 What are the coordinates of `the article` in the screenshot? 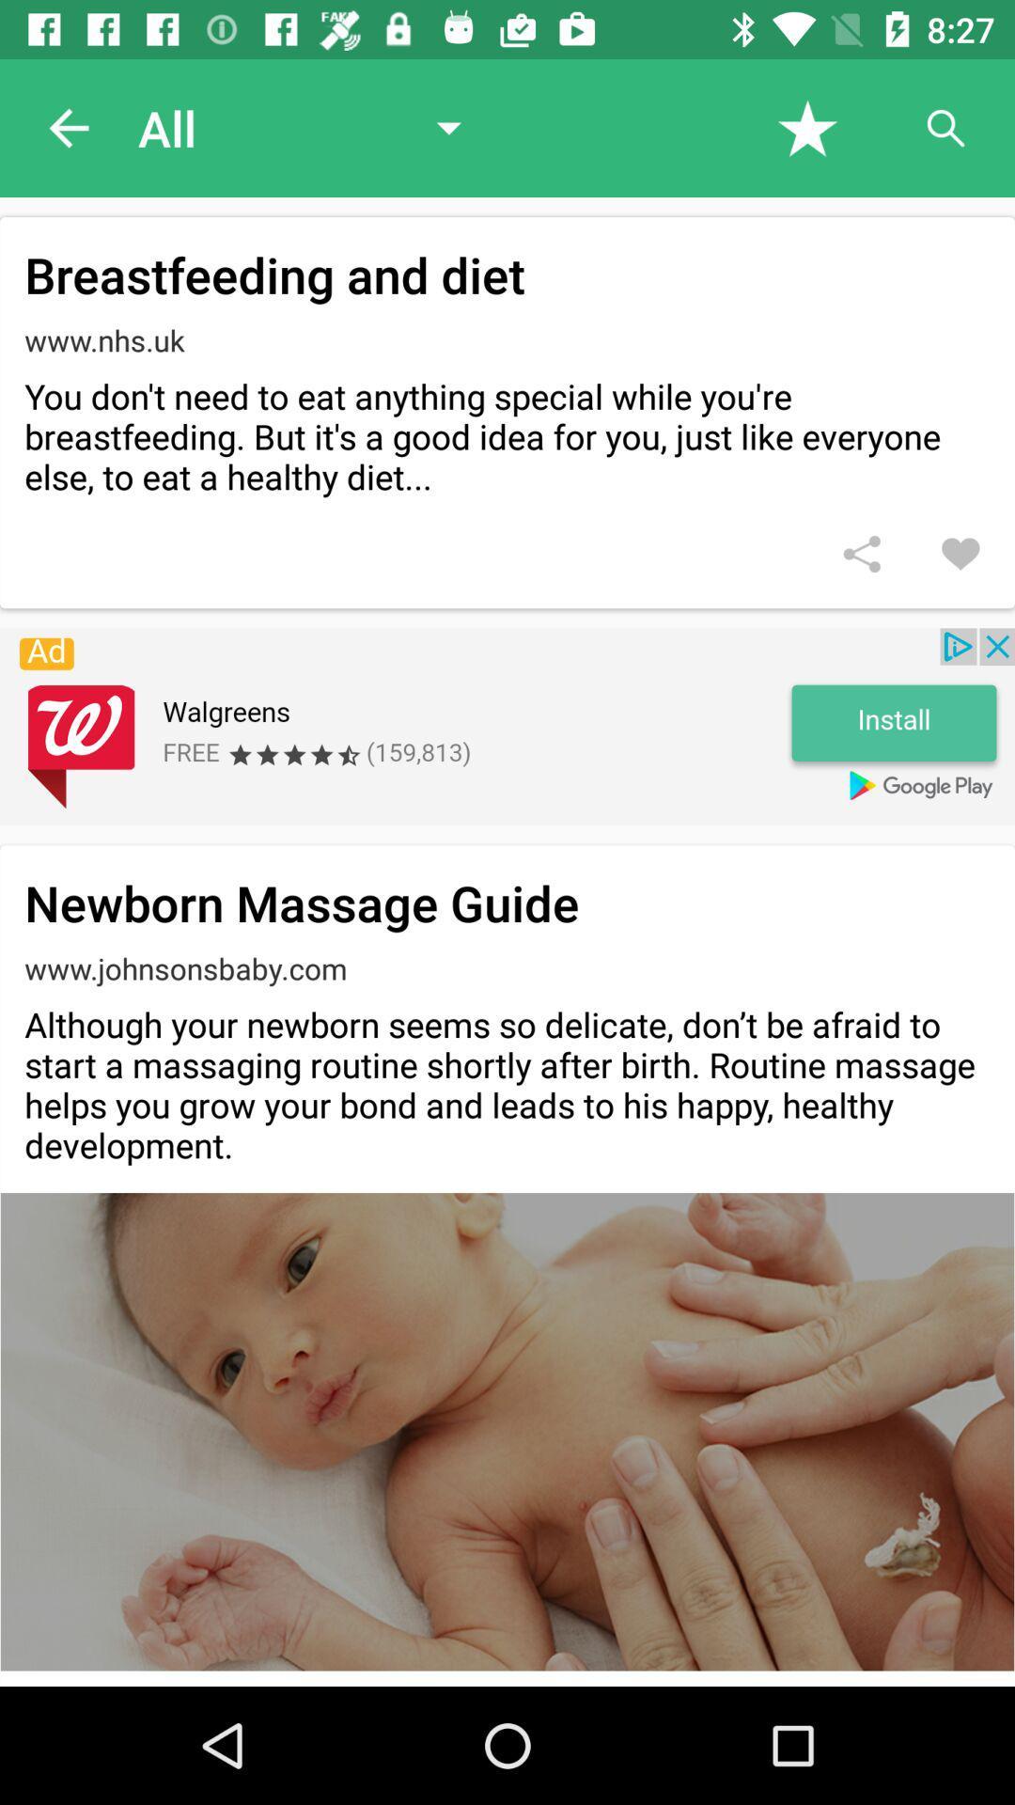 It's located at (806, 127).